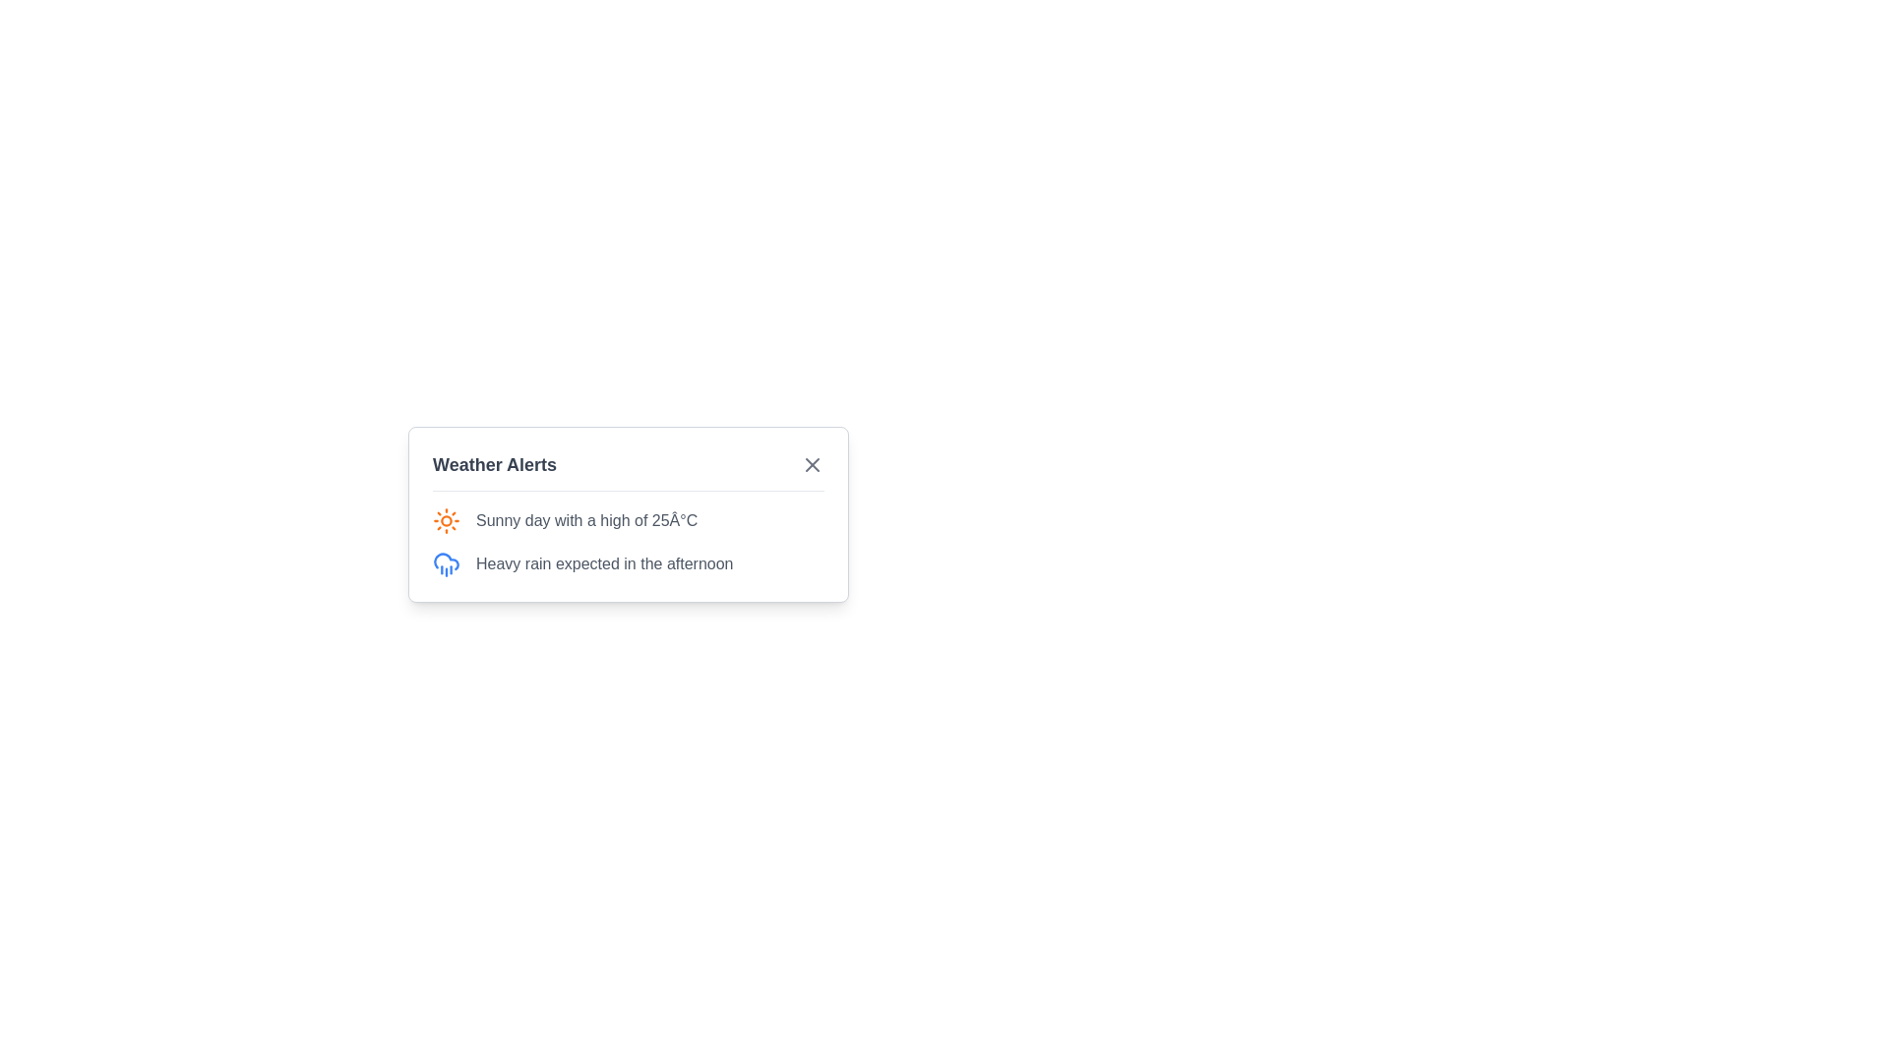  What do you see at coordinates (812, 465) in the screenshot?
I see `the close button of the WeatherAlert component` at bounding box center [812, 465].